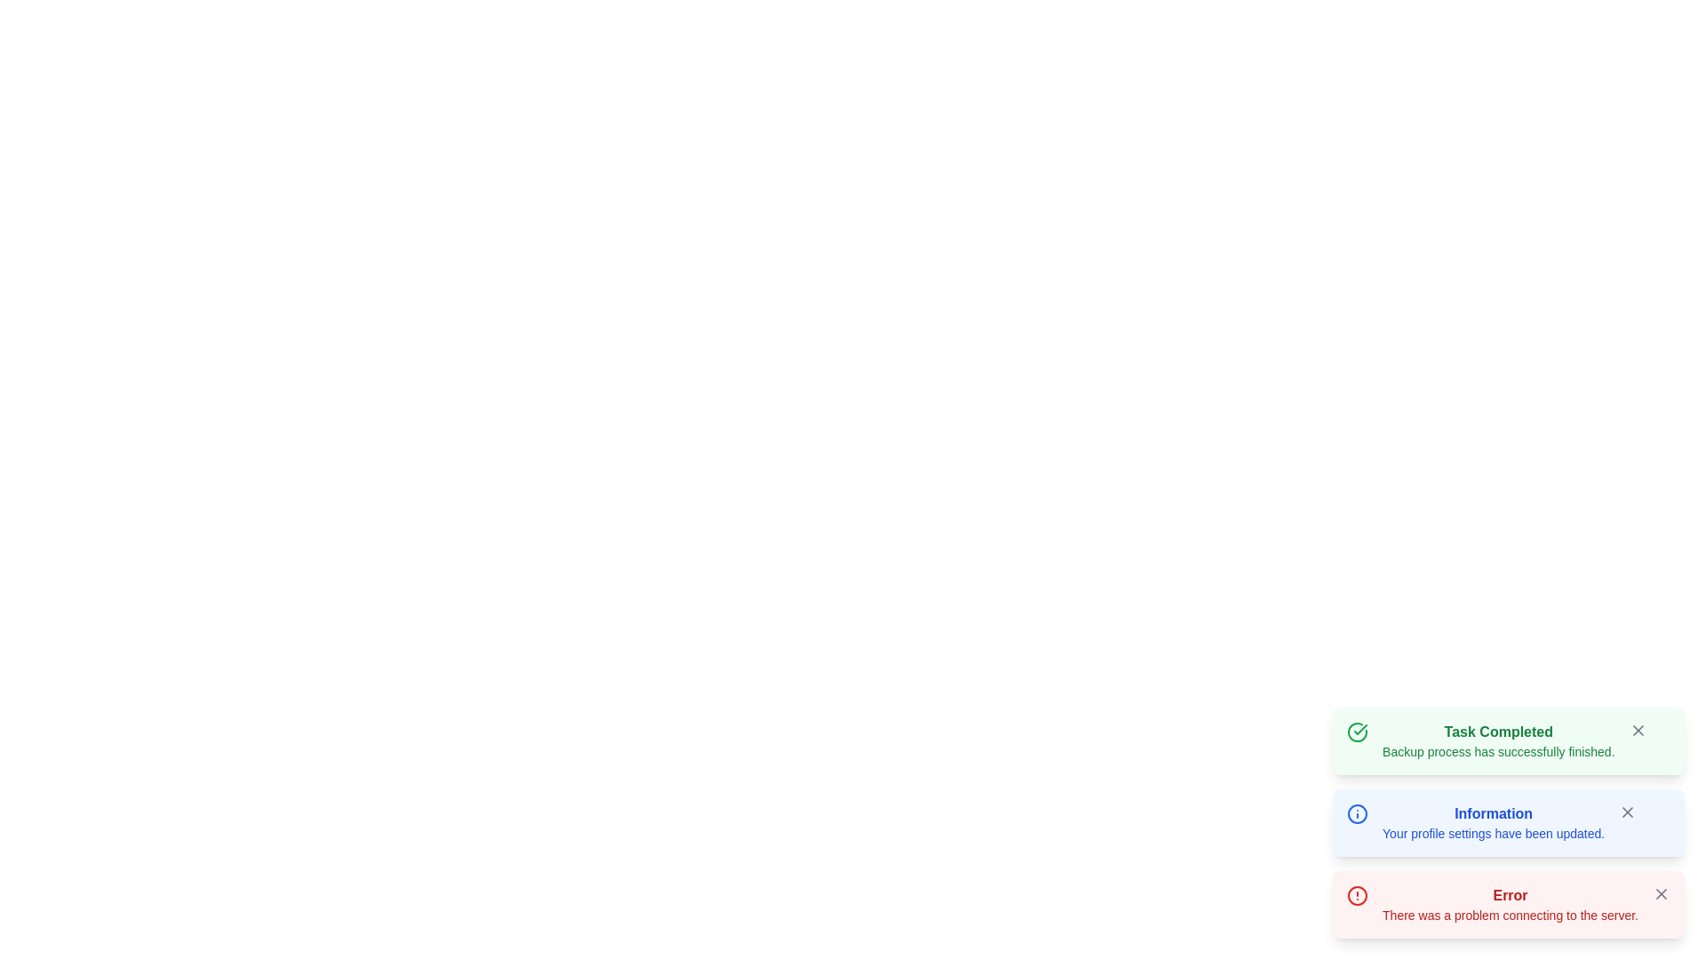 This screenshot has width=1706, height=960. I want to click on the close button located at the top-right corner of the error notification to change its color, so click(1661, 894).